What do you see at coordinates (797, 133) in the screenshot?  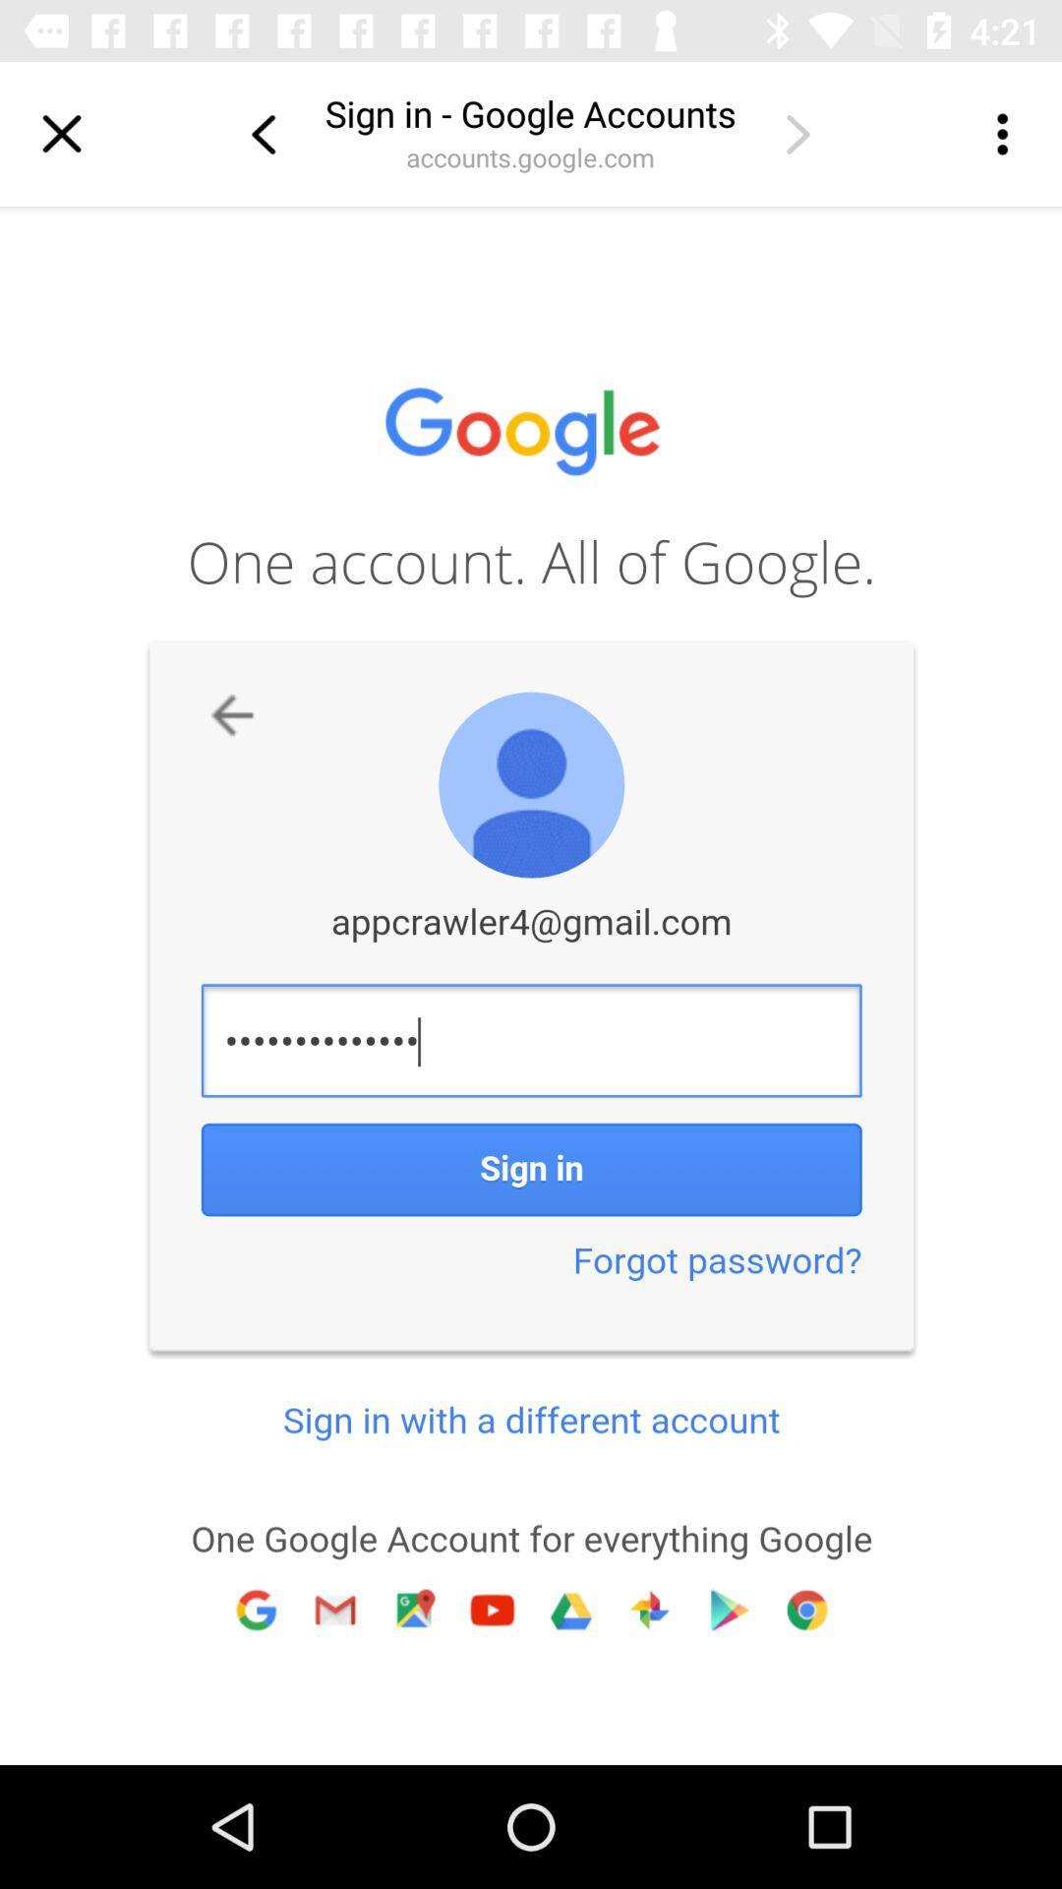 I see `next page` at bounding box center [797, 133].